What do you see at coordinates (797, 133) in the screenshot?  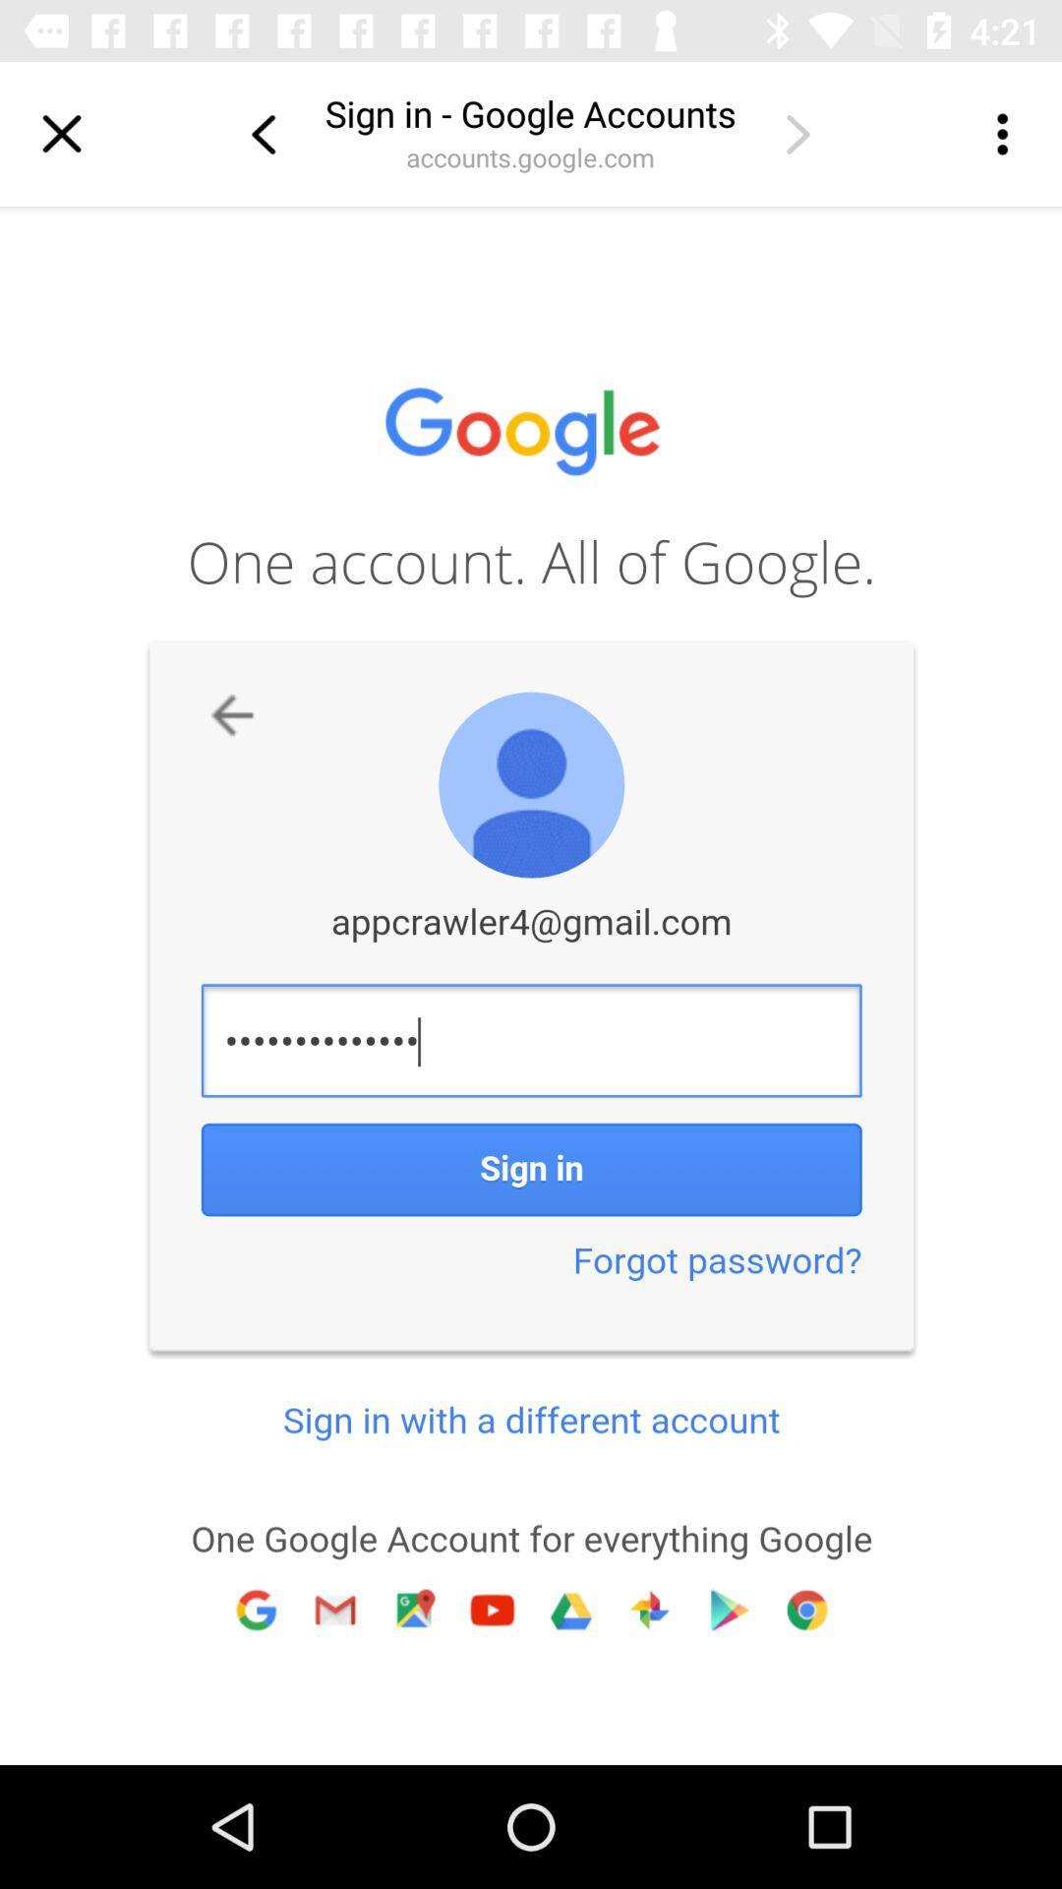 I see `next page` at bounding box center [797, 133].